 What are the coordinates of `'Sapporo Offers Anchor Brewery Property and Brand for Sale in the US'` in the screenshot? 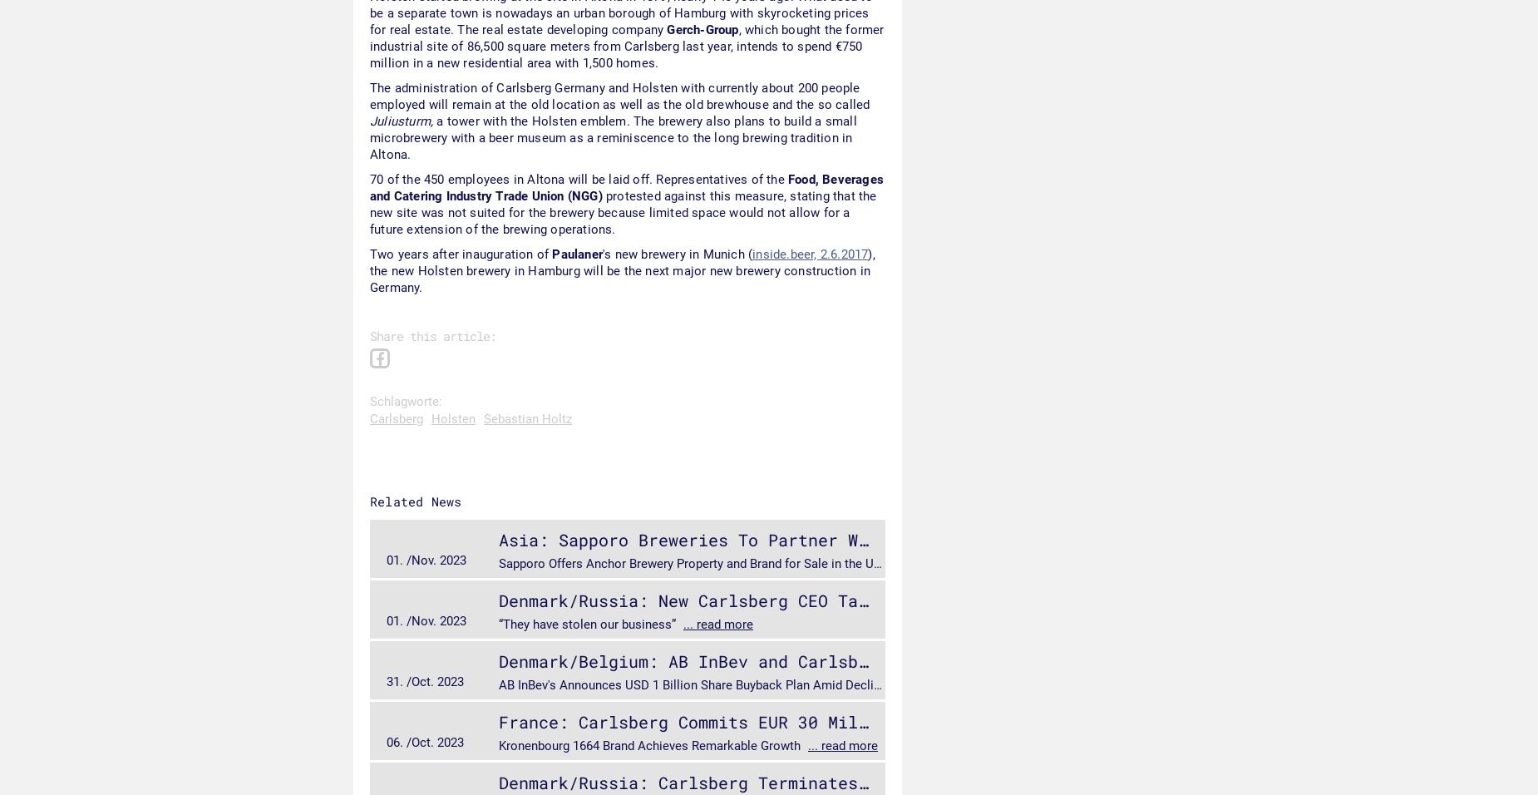 It's located at (691, 563).